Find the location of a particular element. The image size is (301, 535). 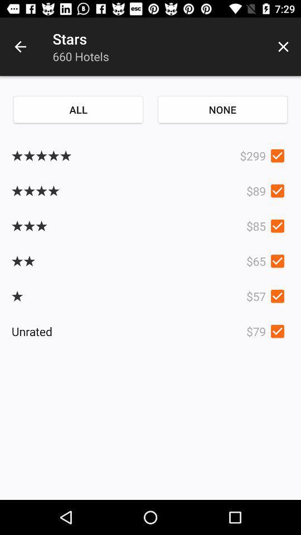

item next to none is located at coordinates (77, 109).